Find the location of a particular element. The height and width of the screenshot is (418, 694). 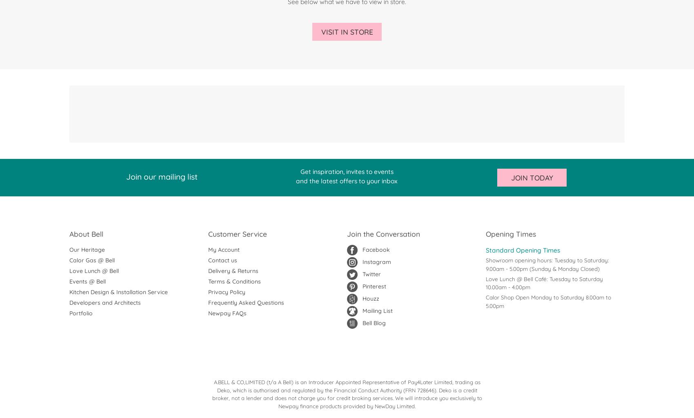

'About Bell' is located at coordinates (86, 233).